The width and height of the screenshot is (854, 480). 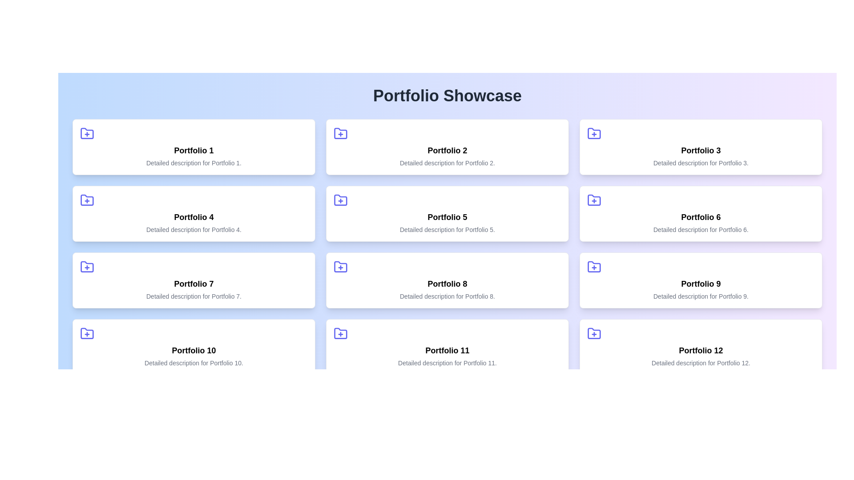 What do you see at coordinates (87, 133) in the screenshot?
I see `the SVG icon button located in the top-left section of the 'Portfolio 1' card` at bounding box center [87, 133].